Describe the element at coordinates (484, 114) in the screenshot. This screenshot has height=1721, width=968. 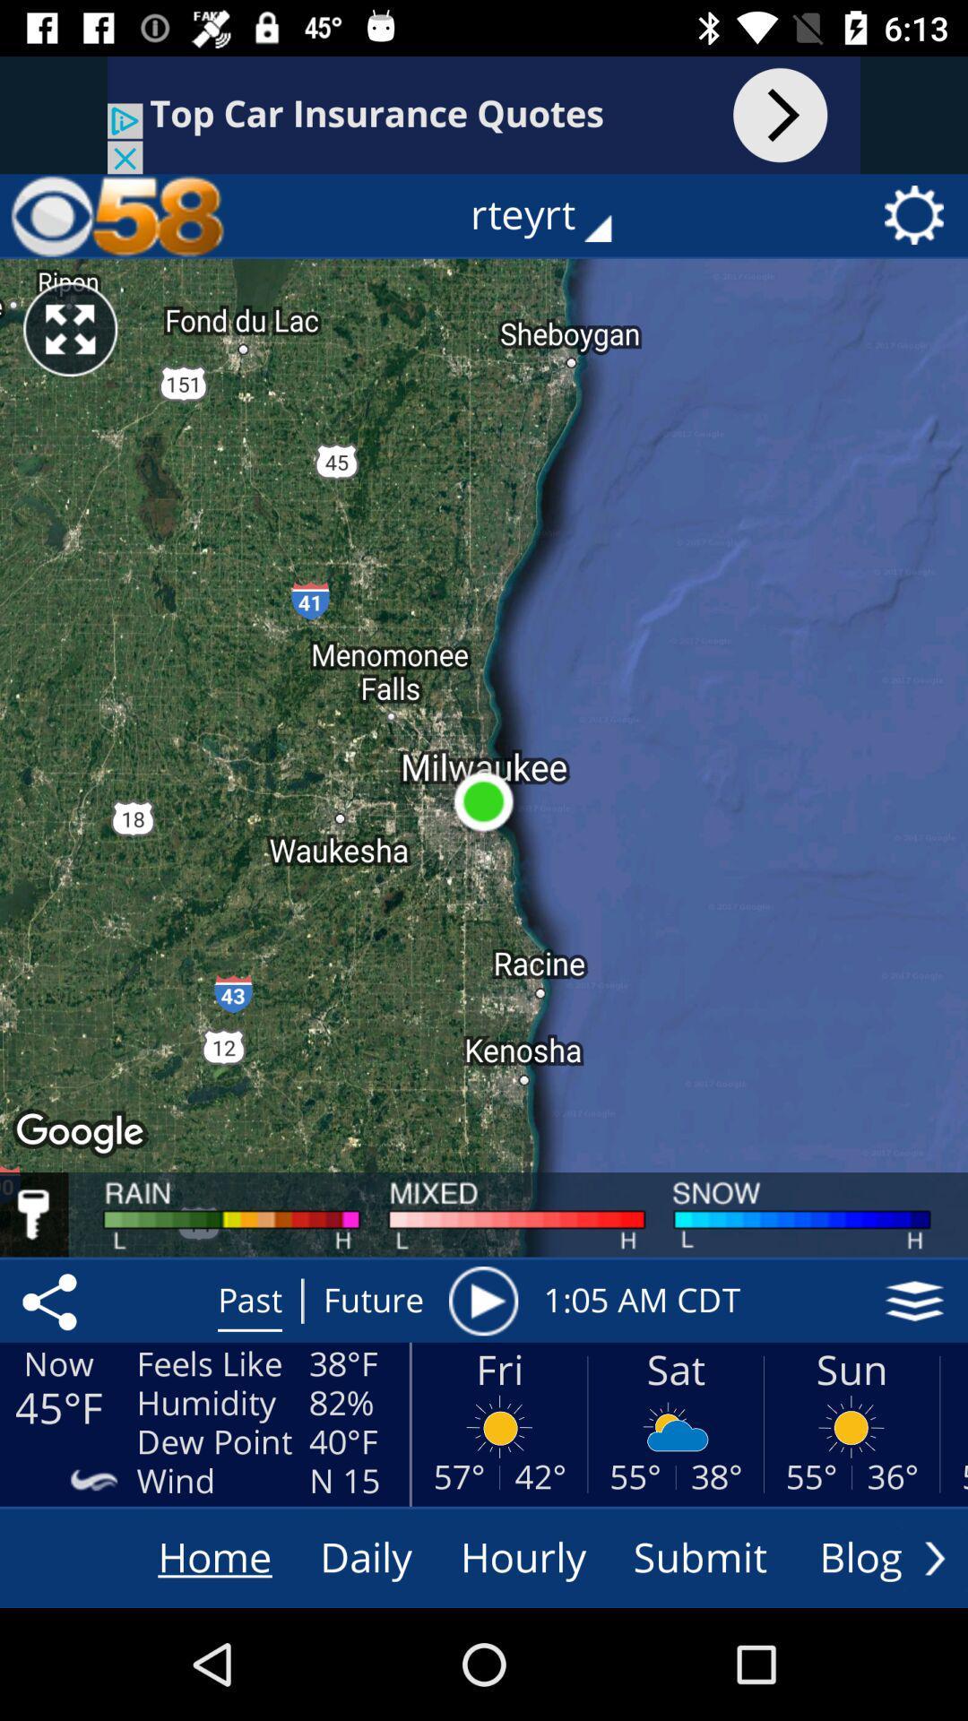
I see `advertising` at that location.